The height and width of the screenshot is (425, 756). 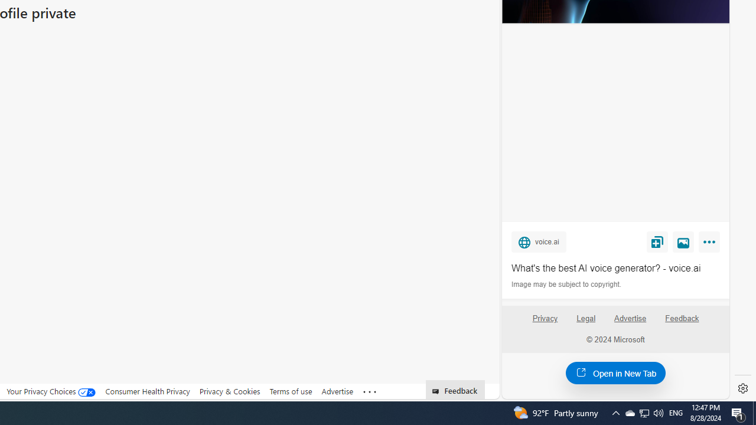 I want to click on 'Legal', so click(x=586, y=318).